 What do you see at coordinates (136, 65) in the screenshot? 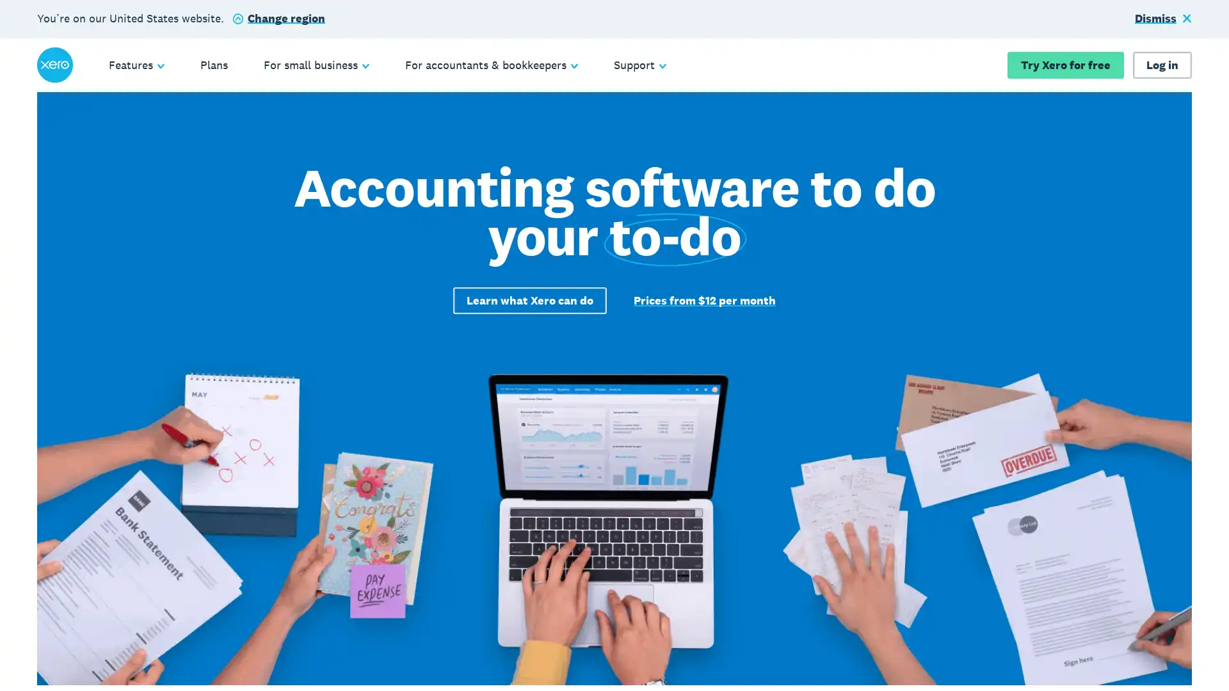
I see `Features` at bounding box center [136, 65].